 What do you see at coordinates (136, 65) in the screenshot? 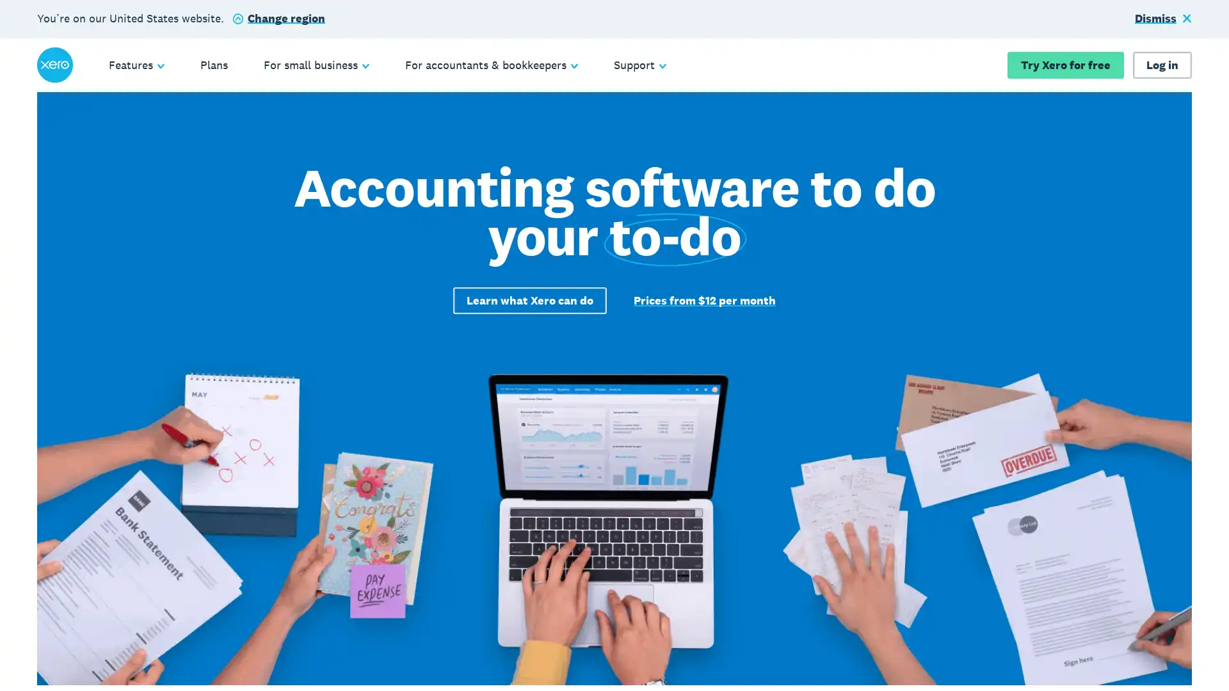
I see `Features` at bounding box center [136, 65].